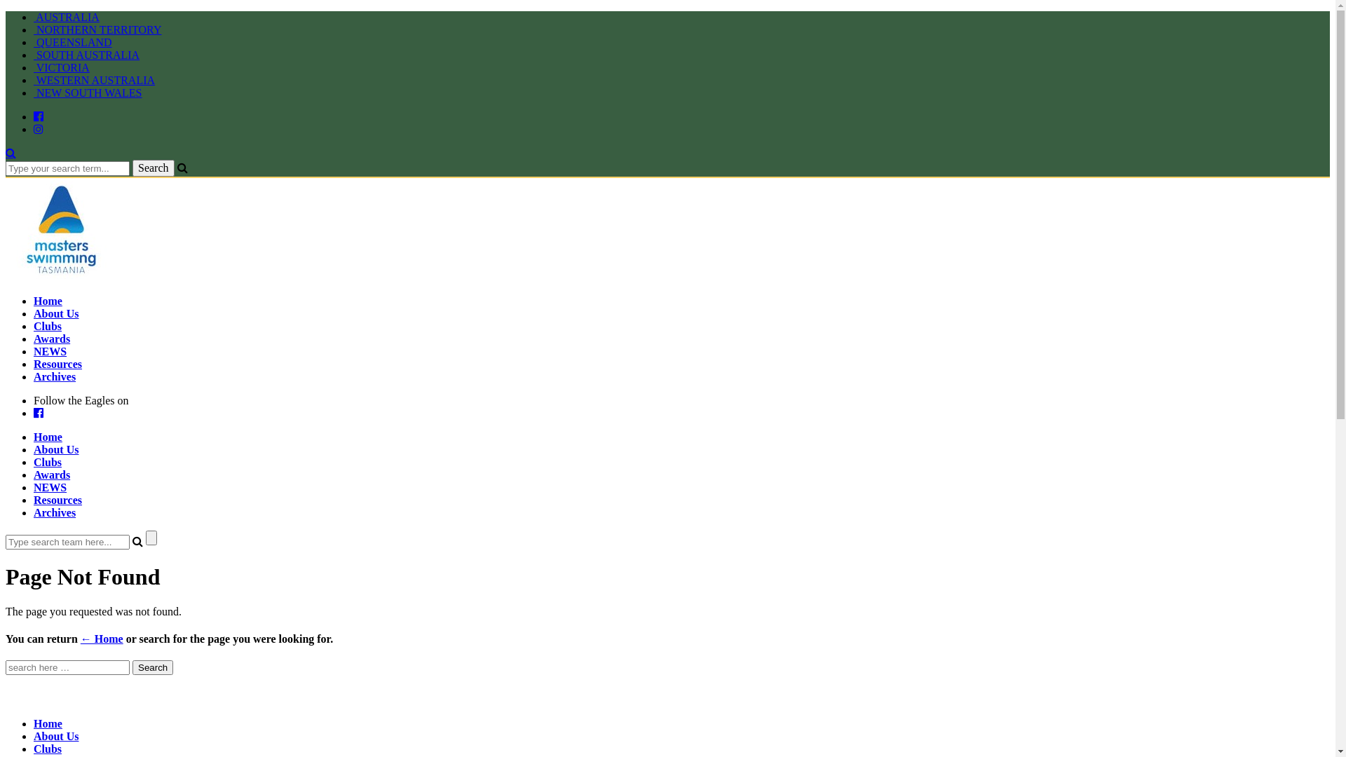 The image size is (1346, 757). Describe the element at coordinates (50, 350) in the screenshot. I see `'NEWS'` at that location.